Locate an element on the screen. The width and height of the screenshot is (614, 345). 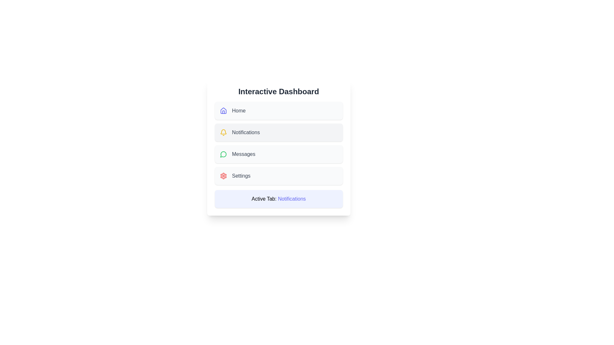
the menu button labeled Notifications is located at coordinates (279, 132).